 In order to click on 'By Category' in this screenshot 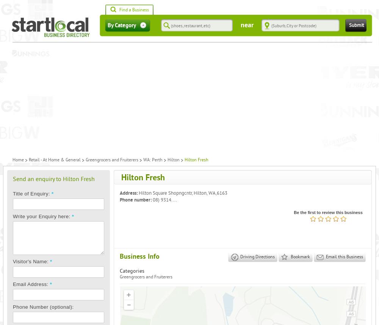, I will do `click(108, 25)`.